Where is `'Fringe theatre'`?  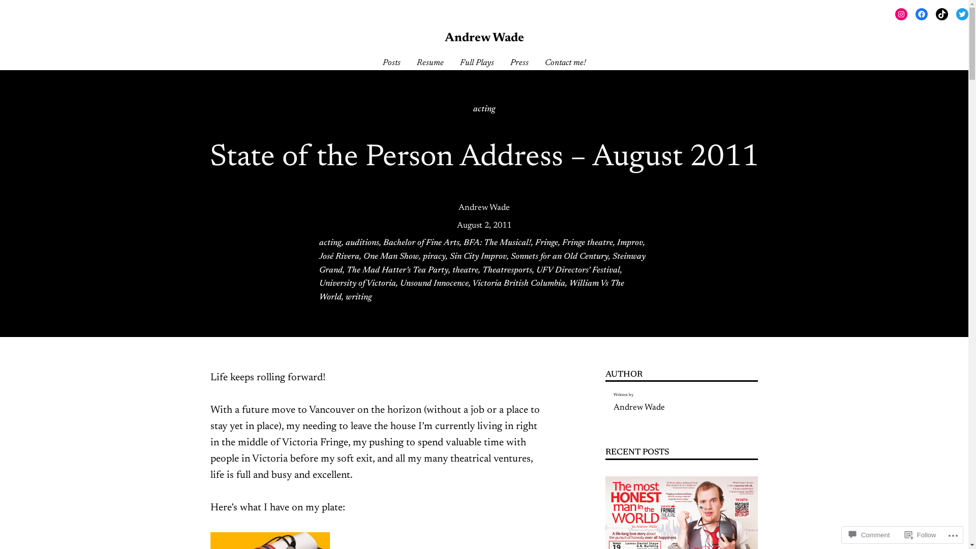 'Fringe theatre' is located at coordinates (588, 243).